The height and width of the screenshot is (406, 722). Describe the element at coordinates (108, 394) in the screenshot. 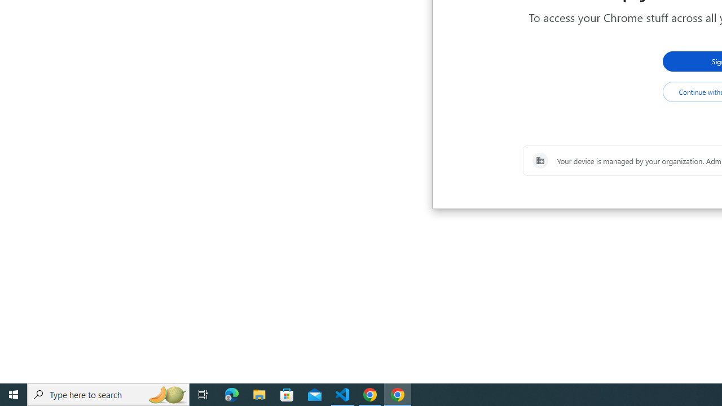

I see `'Type here to search'` at that location.